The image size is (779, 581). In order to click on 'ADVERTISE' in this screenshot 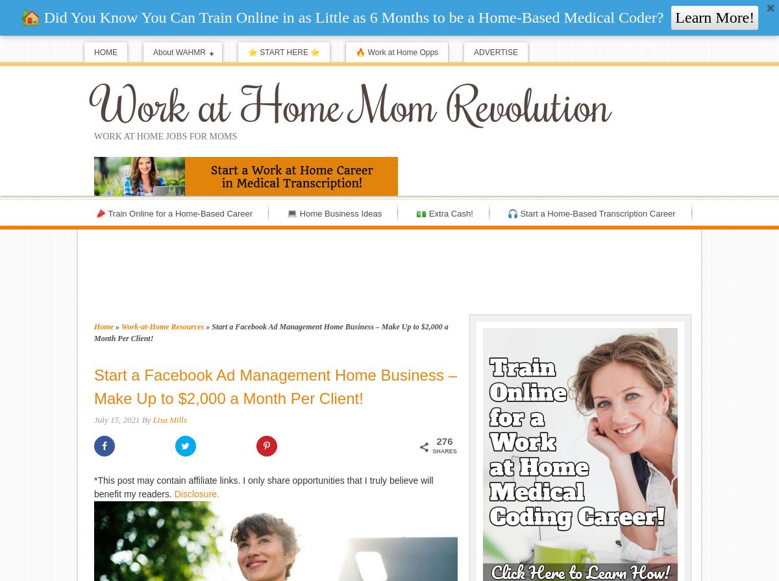, I will do `click(495, 52)`.